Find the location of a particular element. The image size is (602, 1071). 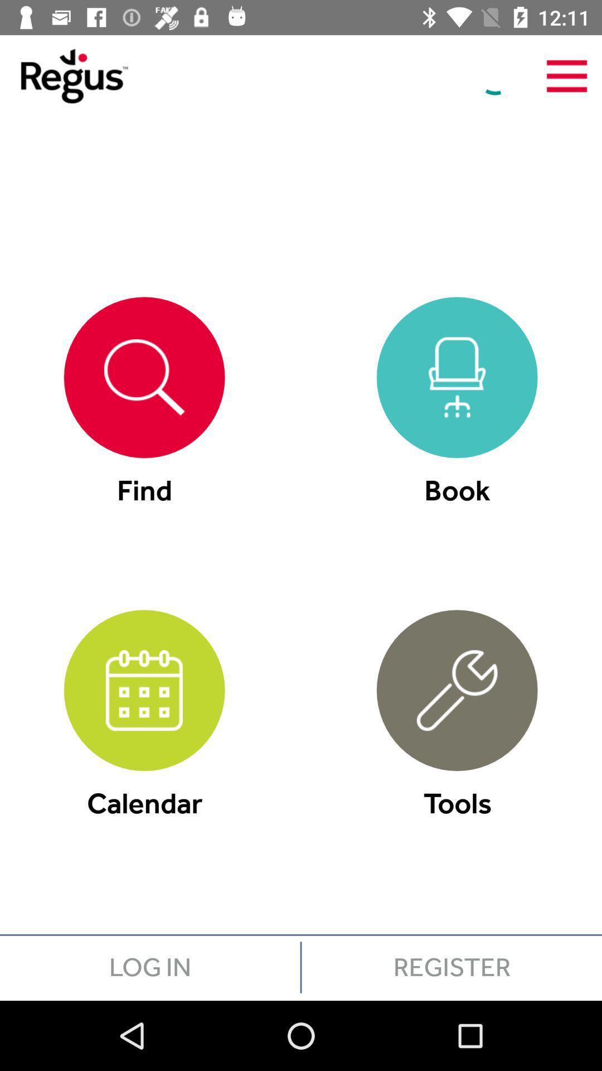

log in item is located at coordinates (149, 966).